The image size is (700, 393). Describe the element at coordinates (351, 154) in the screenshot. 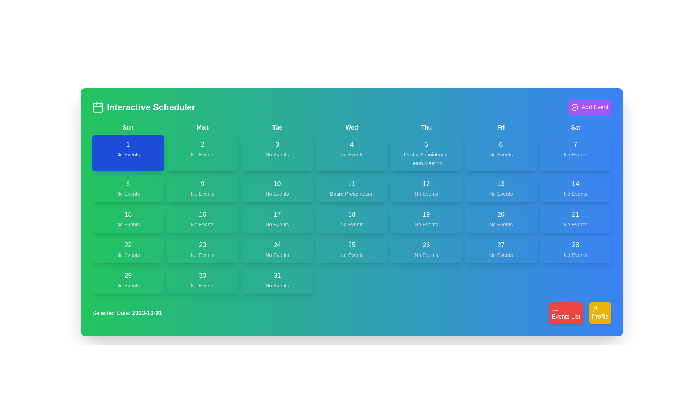

I see `the 'No Events' text label that is centered below a bold '4' text in a light gray color, located within the Wednesday date block of the calendar grid` at that location.